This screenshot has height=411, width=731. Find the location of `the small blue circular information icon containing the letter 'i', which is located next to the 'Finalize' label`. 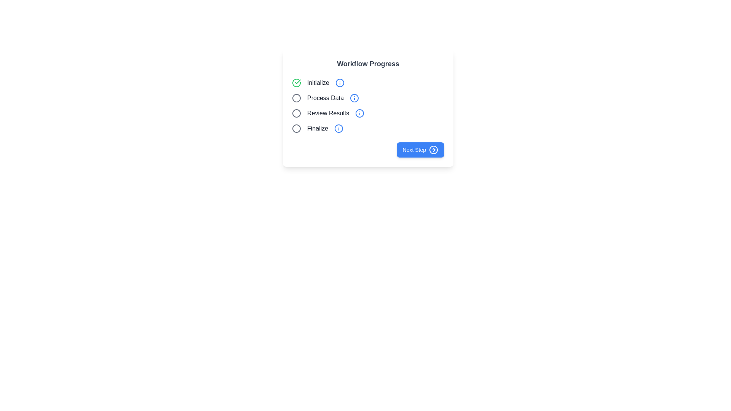

the small blue circular information icon containing the letter 'i', which is located next to the 'Finalize' label is located at coordinates (338, 128).